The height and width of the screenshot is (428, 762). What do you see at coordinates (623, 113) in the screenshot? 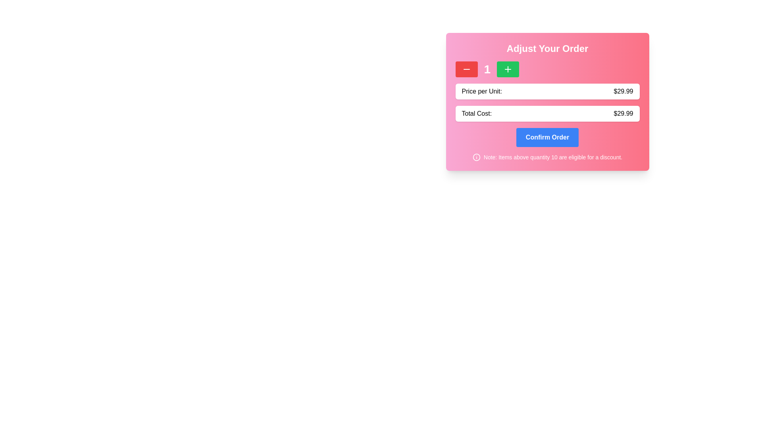
I see `the Text Label displaying the amount '$29.99' that is aligned next to 'Total Cost:' within the pink panel labeled 'Adjust Your Order'` at bounding box center [623, 113].